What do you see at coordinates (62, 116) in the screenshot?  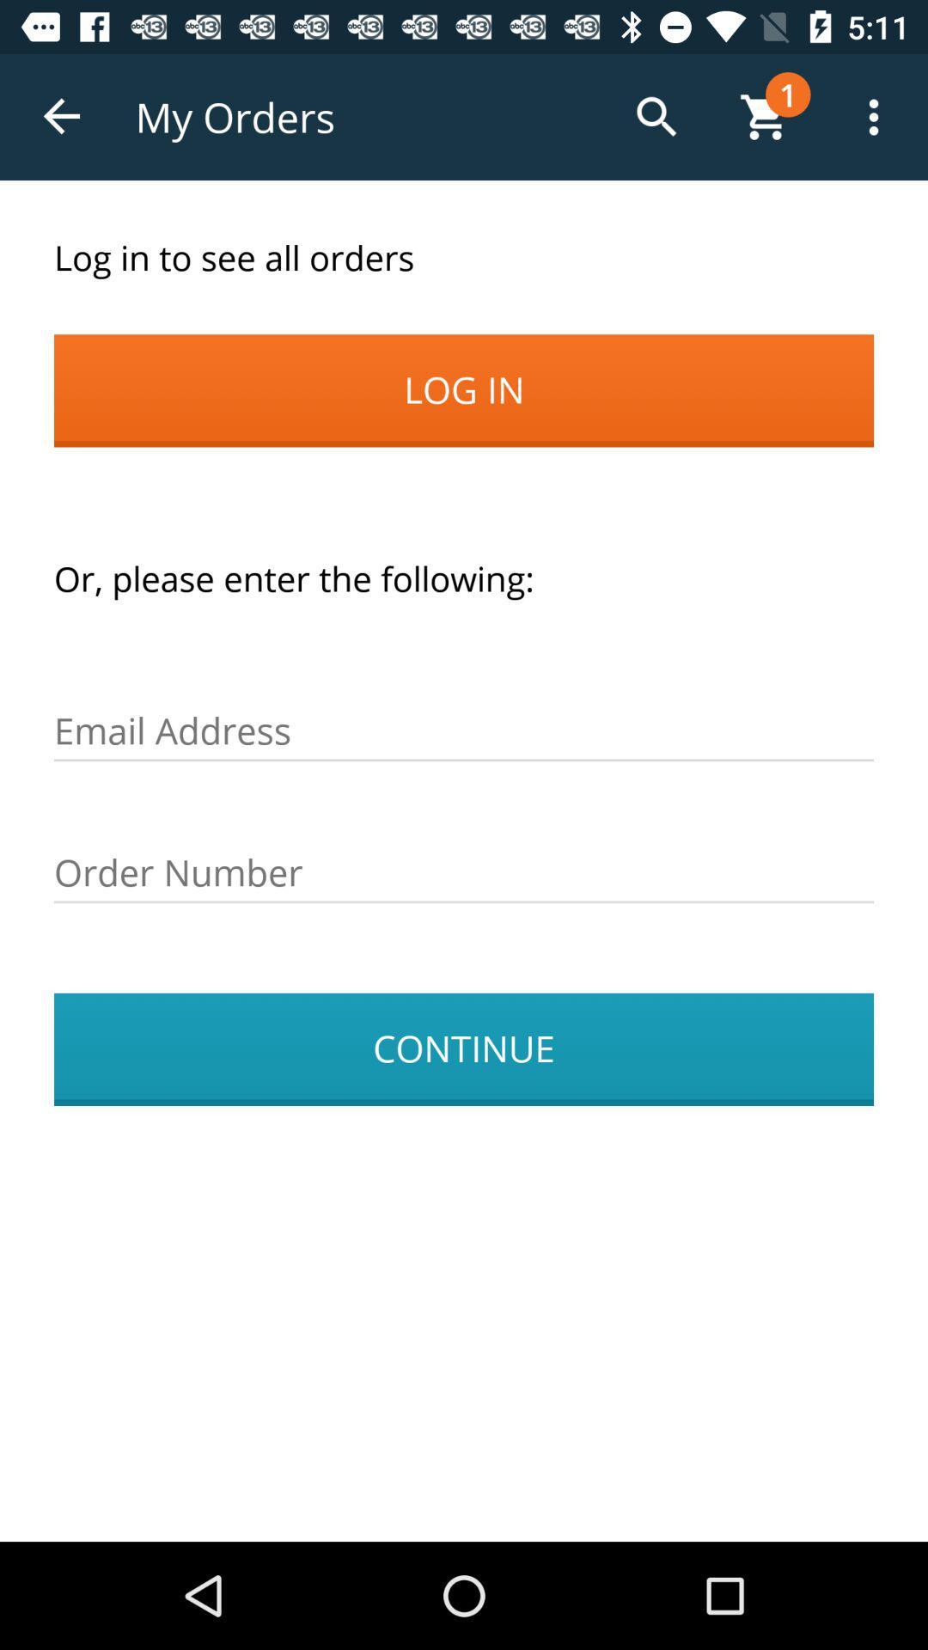 I see `app next to the my orders app` at bounding box center [62, 116].